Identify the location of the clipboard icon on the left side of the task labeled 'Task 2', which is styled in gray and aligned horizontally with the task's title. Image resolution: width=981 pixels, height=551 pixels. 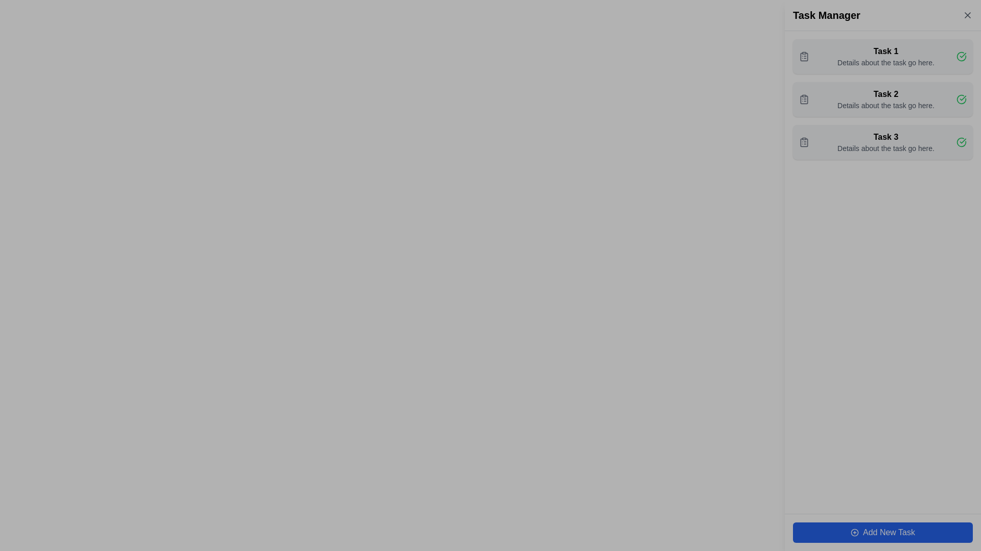
(804, 99).